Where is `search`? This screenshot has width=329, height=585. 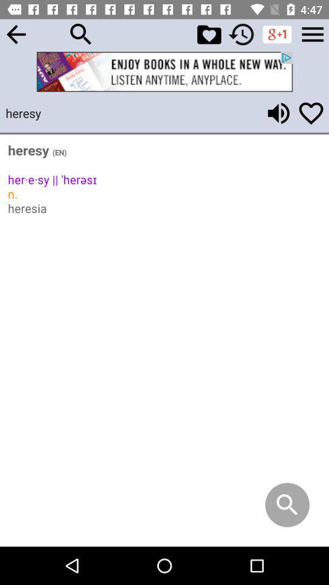
search is located at coordinates (81, 34).